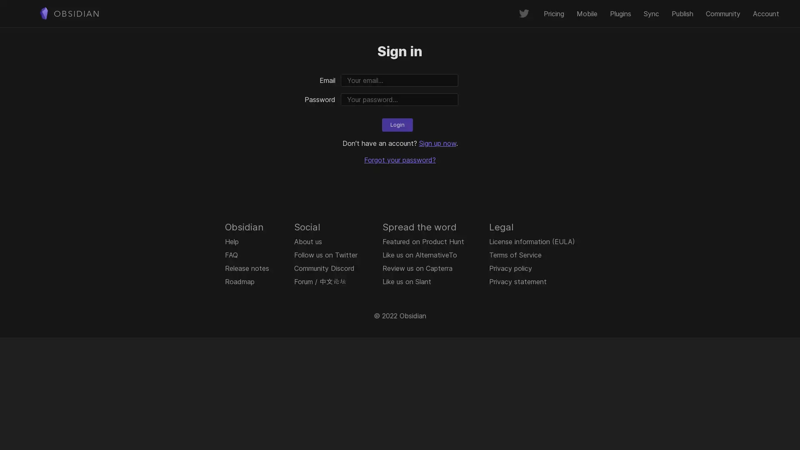 This screenshot has width=800, height=450. Describe the element at coordinates (397, 125) in the screenshot. I see `Login` at that location.